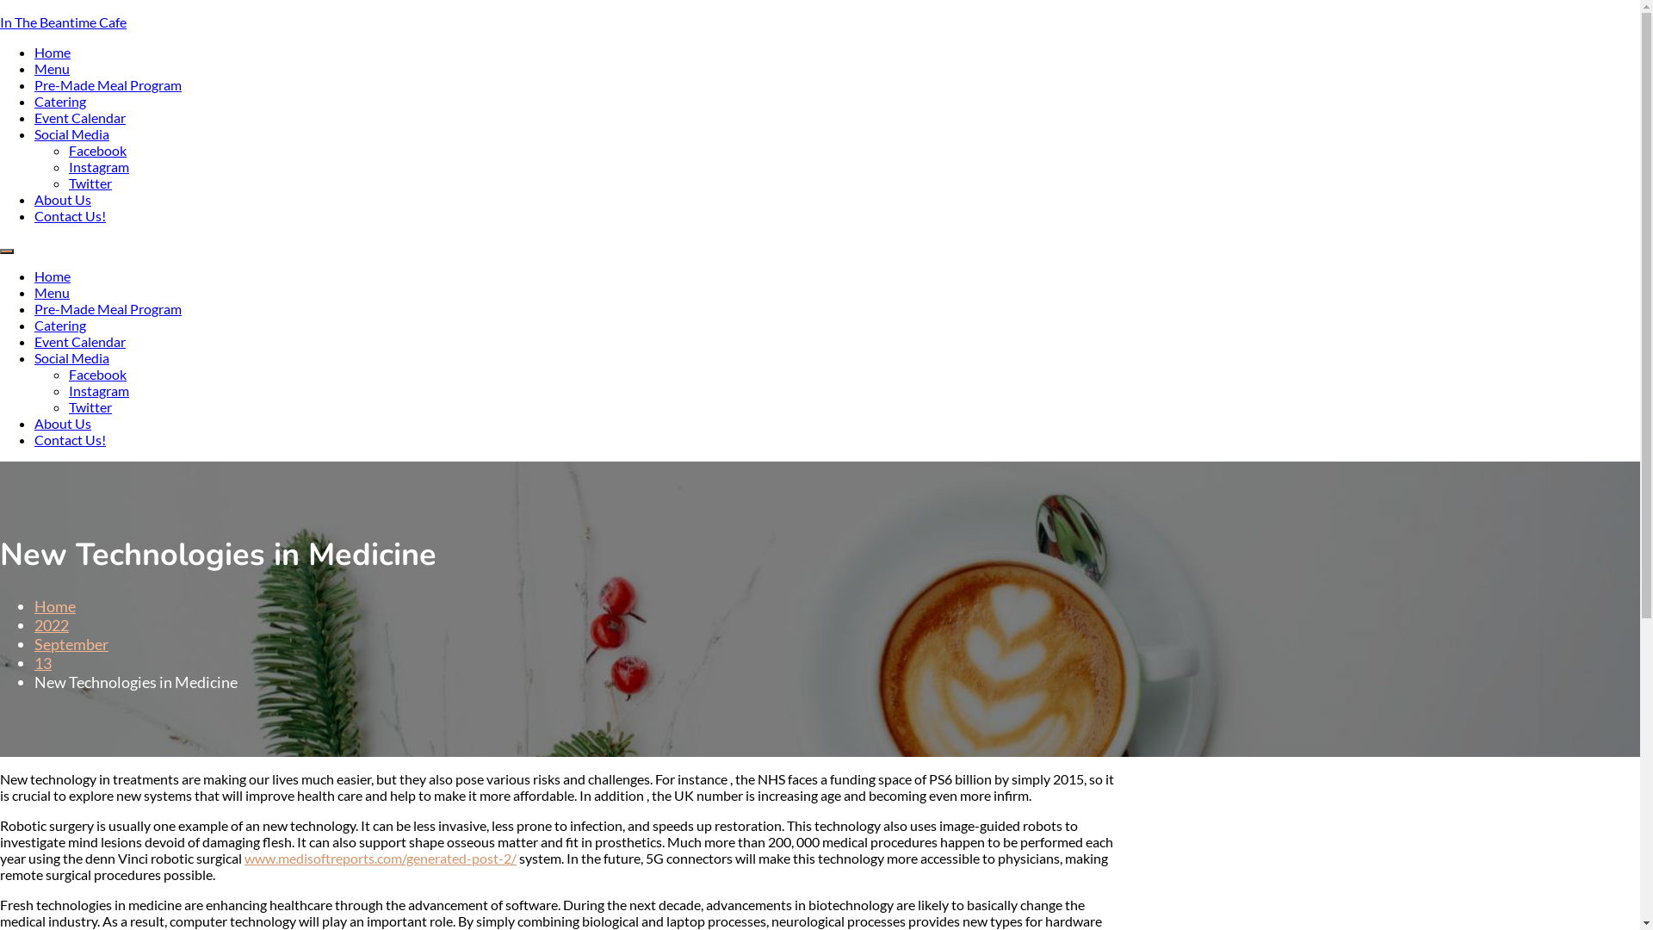  What do you see at coordinates (98, 390) in the screenshot?
I see `'Instagram'` at bounding box center [98, 390].